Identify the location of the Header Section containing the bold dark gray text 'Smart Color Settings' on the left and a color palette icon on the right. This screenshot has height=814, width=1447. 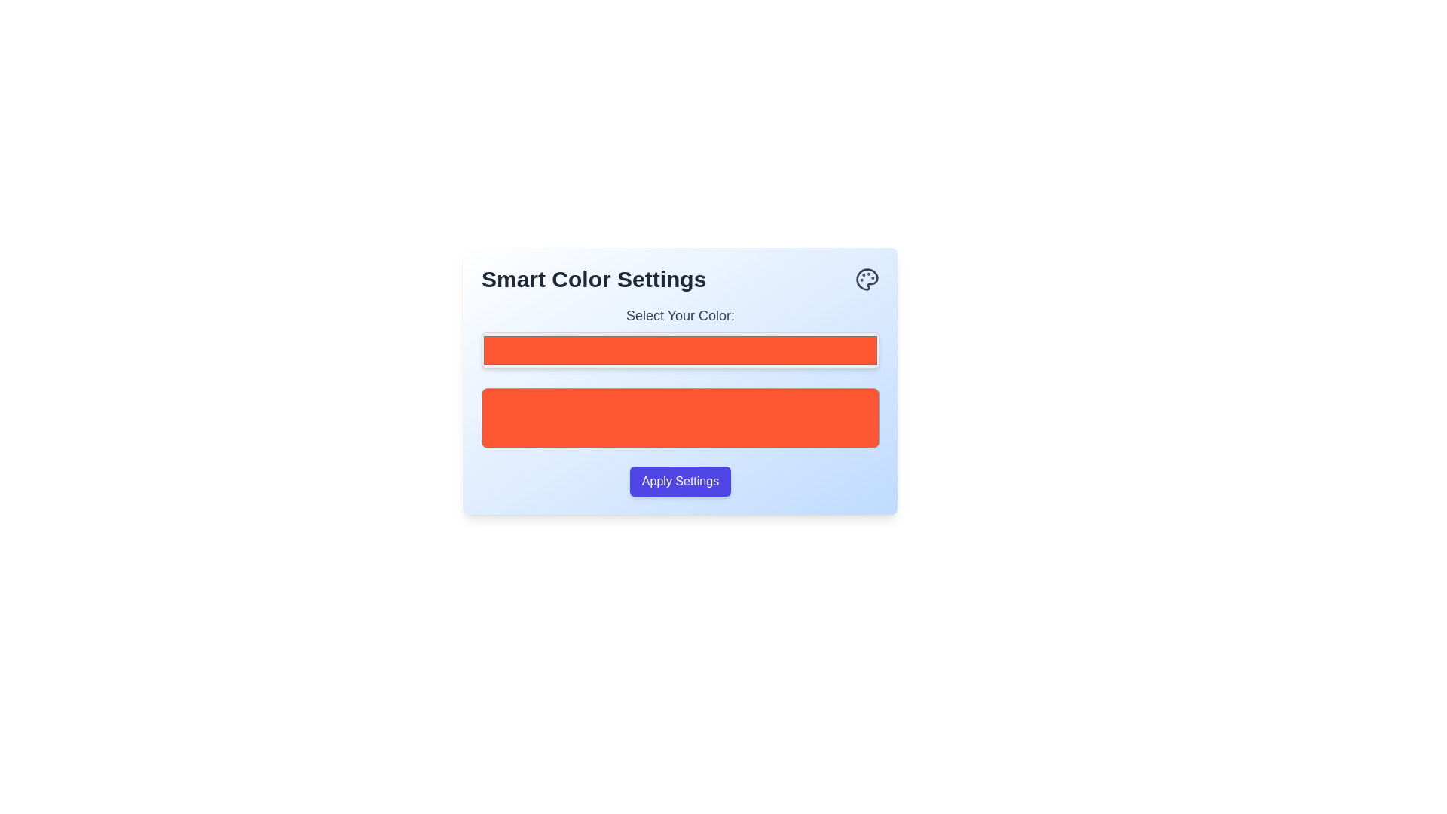
(679, 279).